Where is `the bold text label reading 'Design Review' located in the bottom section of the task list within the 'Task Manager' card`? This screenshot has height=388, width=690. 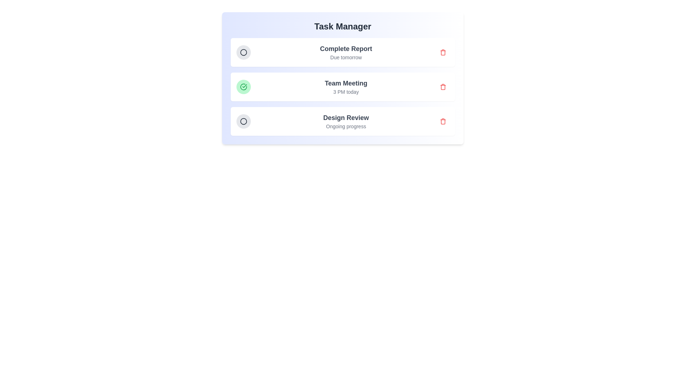 the bold text label reading 'Design Review' located in the bottom section of the task list within the 'Task Manager' card is located at coordinates (346, 117).